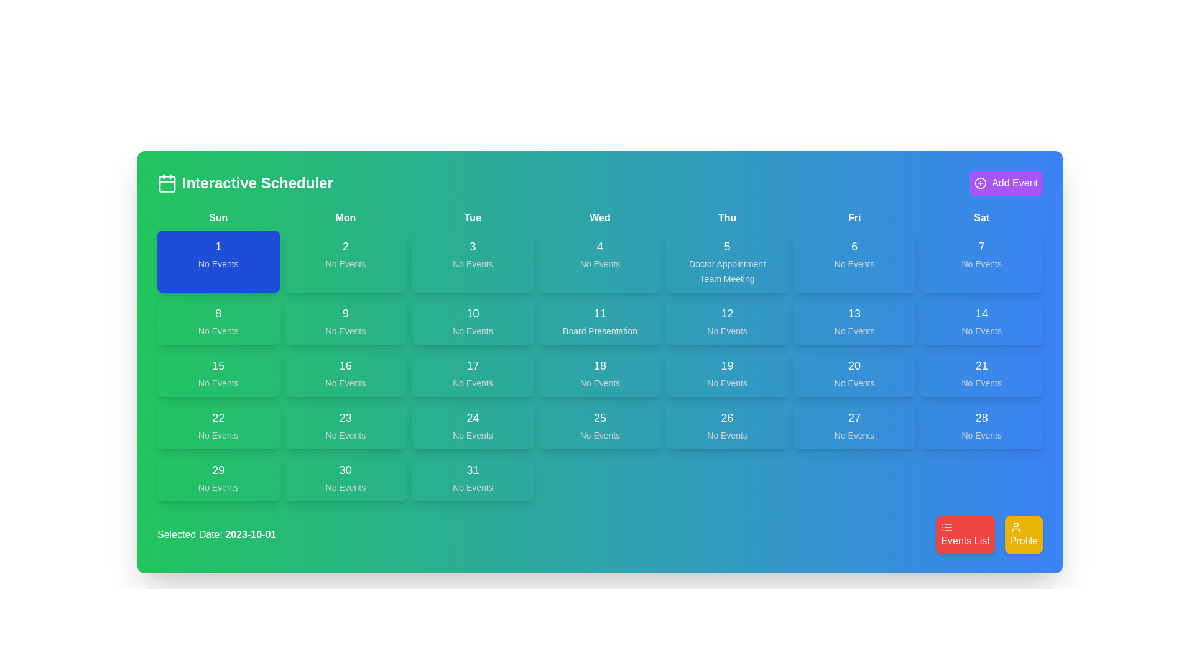 This screenshot has width=1194, height=671. Describe the element at coordinates (1006, 183) in the screenshot. I see `the 'Add Event' button with a purple background and a circular plus icon` at that location.